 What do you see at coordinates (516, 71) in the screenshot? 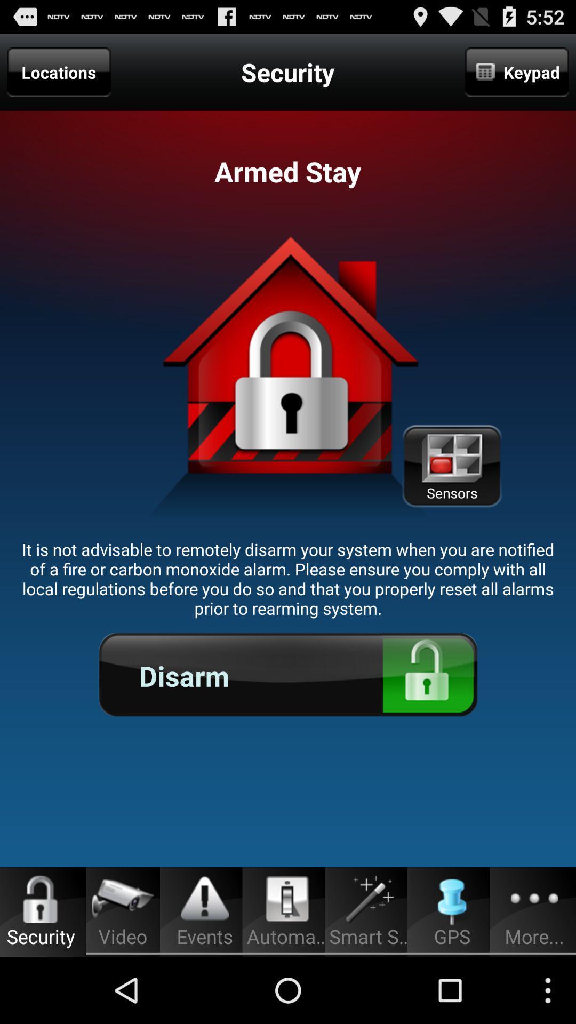
I see `the item to the right of the security` at bounding box center [516, 71].